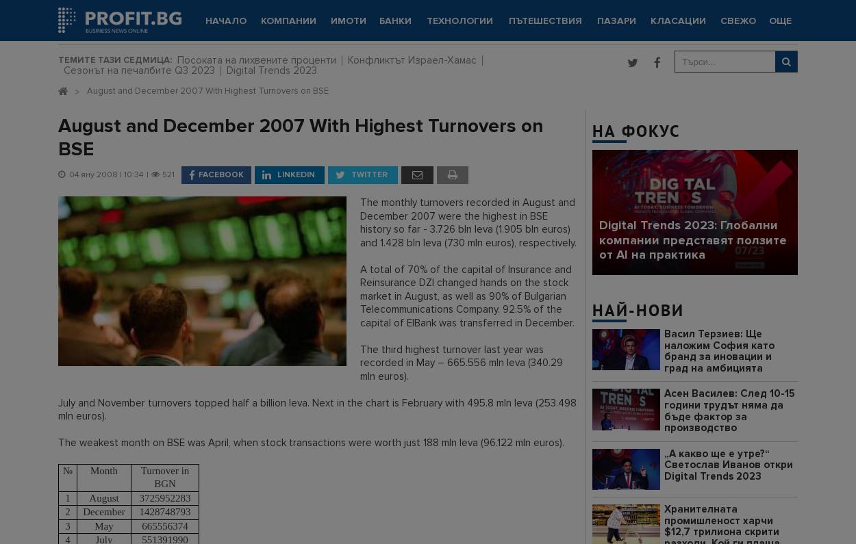 This screenshot has height=544, width=856. Describe the element at coordinates (66, 525) in the screenshot. I see `'3'` at that location.